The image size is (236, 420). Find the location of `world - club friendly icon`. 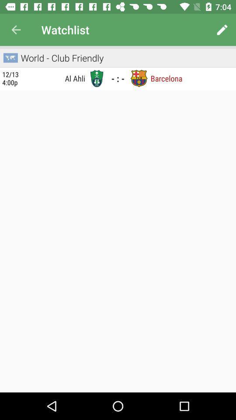

world - club friendly icon is located at coordinates (61, 57).